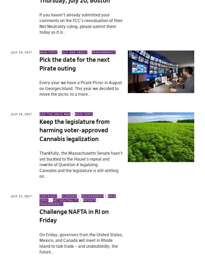 This screenshot has width=205, height=259. I want to click on 'Keep the legislature from harming voter-approved Cannabis legalization', so click(75, 130).